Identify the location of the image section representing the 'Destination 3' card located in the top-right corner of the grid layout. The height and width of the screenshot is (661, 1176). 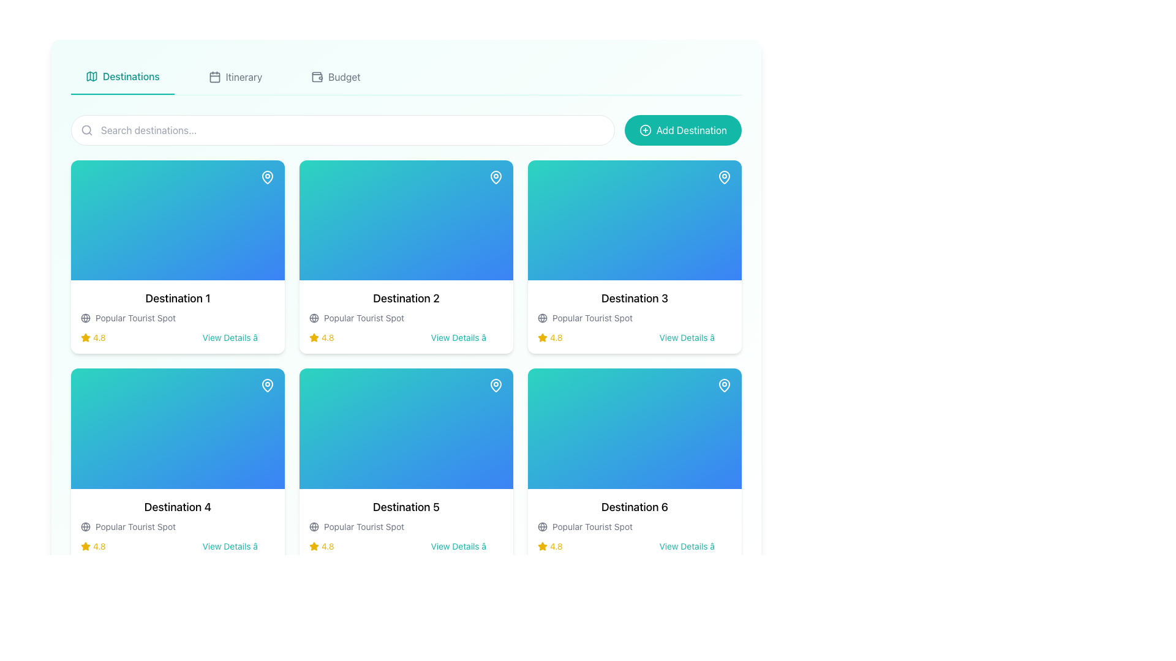
(635, 220).